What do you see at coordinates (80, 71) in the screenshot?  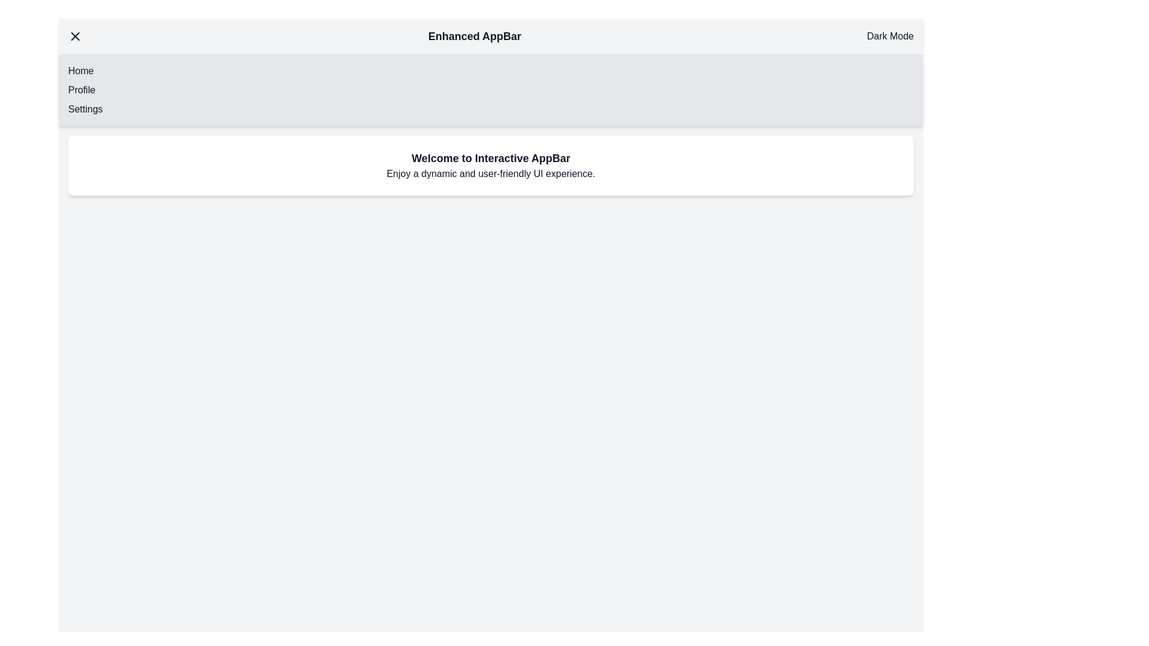 I see `the Home button to navigate to the respective section` at bounding box center [80, 71].